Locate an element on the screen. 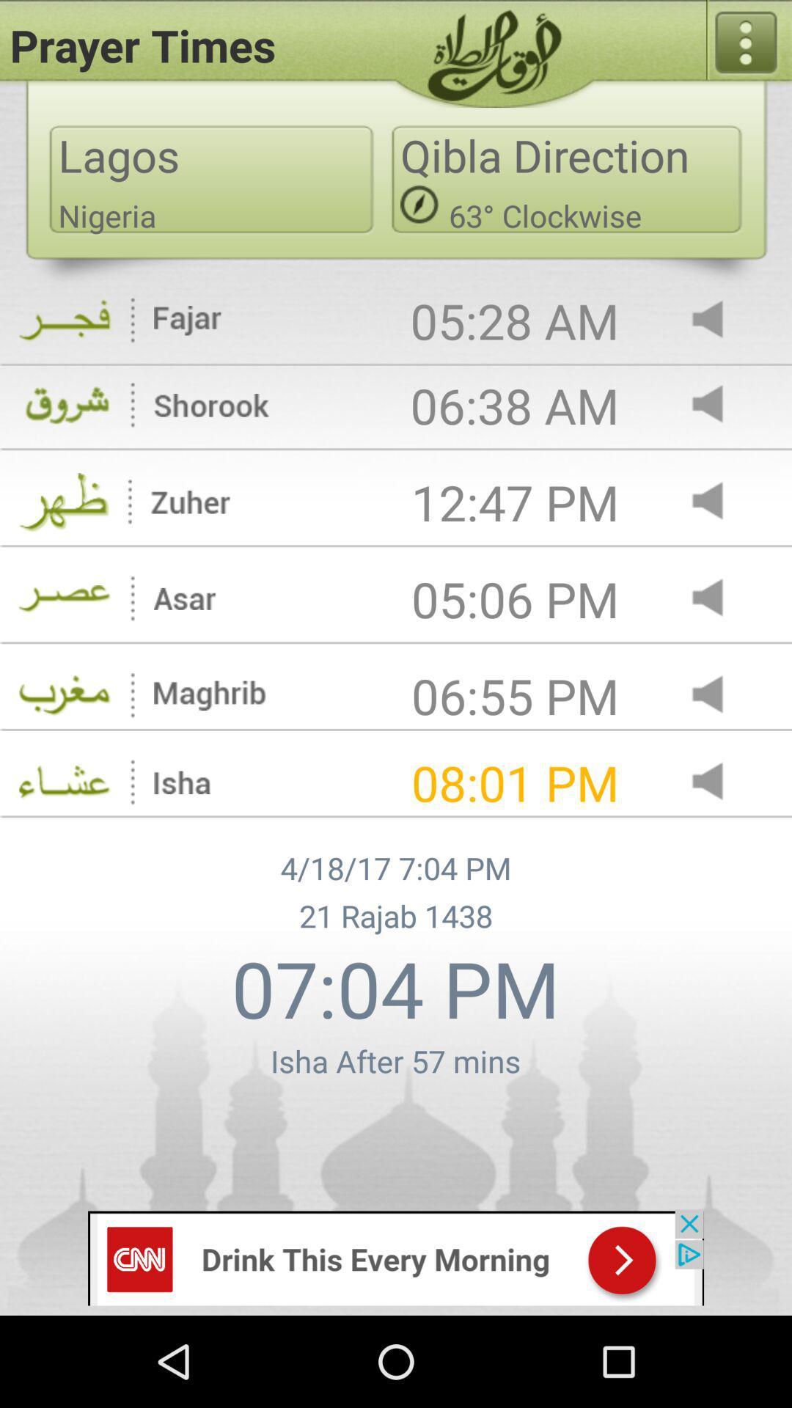  the volume icon is located at coordinates (719, 433).